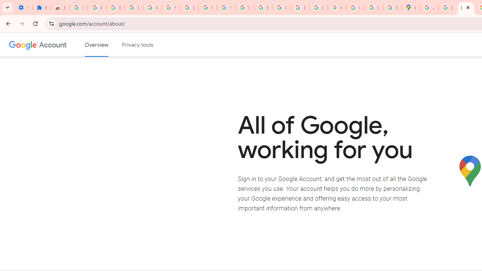 The image size is (482, 271). I want to click on 'Sign in - Google Accounts', so click(78, 8).